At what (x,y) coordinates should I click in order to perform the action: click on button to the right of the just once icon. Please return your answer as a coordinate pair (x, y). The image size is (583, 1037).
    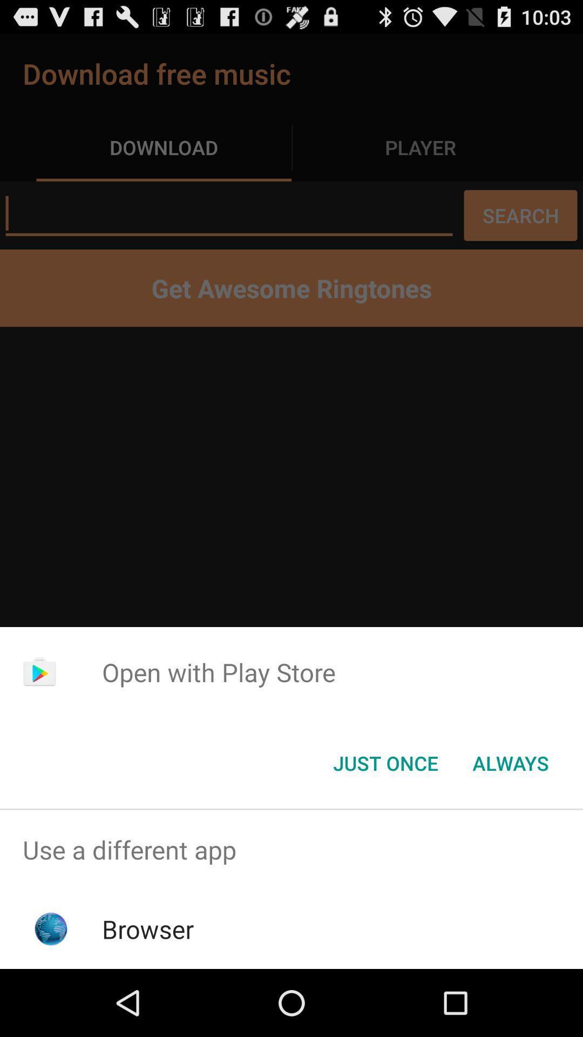
    Looking at the image, I should click on (510, 762).